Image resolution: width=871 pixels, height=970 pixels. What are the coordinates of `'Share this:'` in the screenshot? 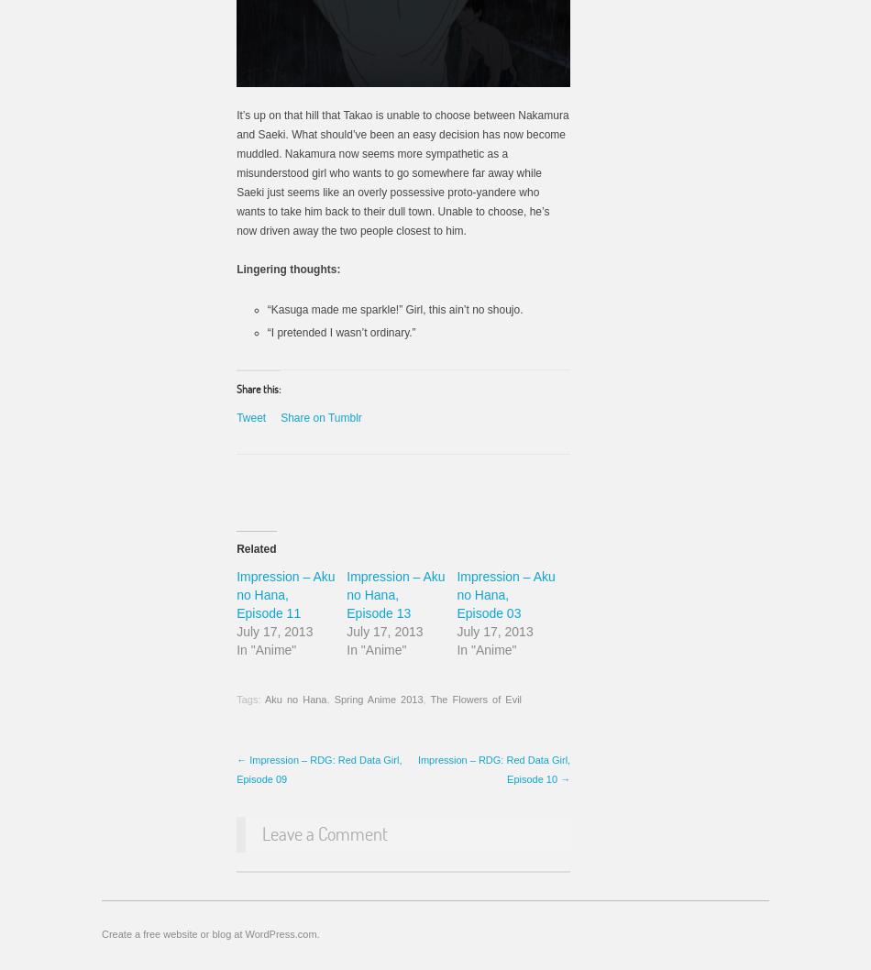 It's located at (257, 389).